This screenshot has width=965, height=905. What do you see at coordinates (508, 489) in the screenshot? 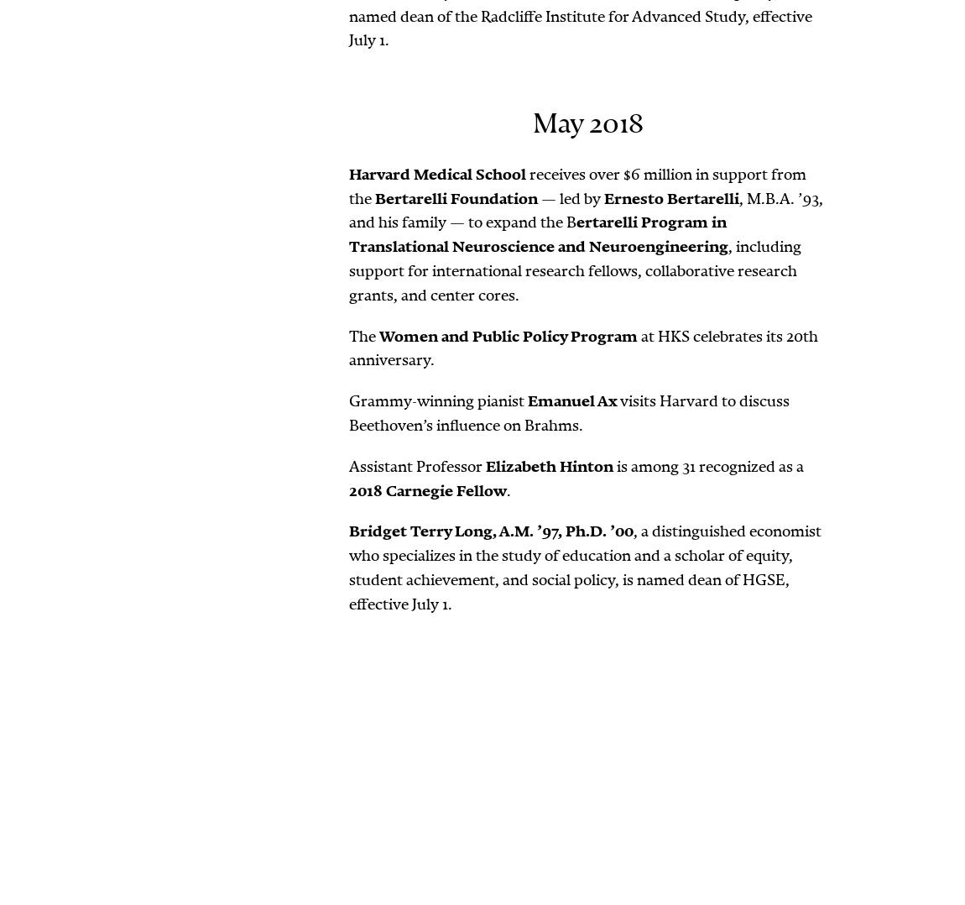
I see `'.'` at bounding box center [508, 489].